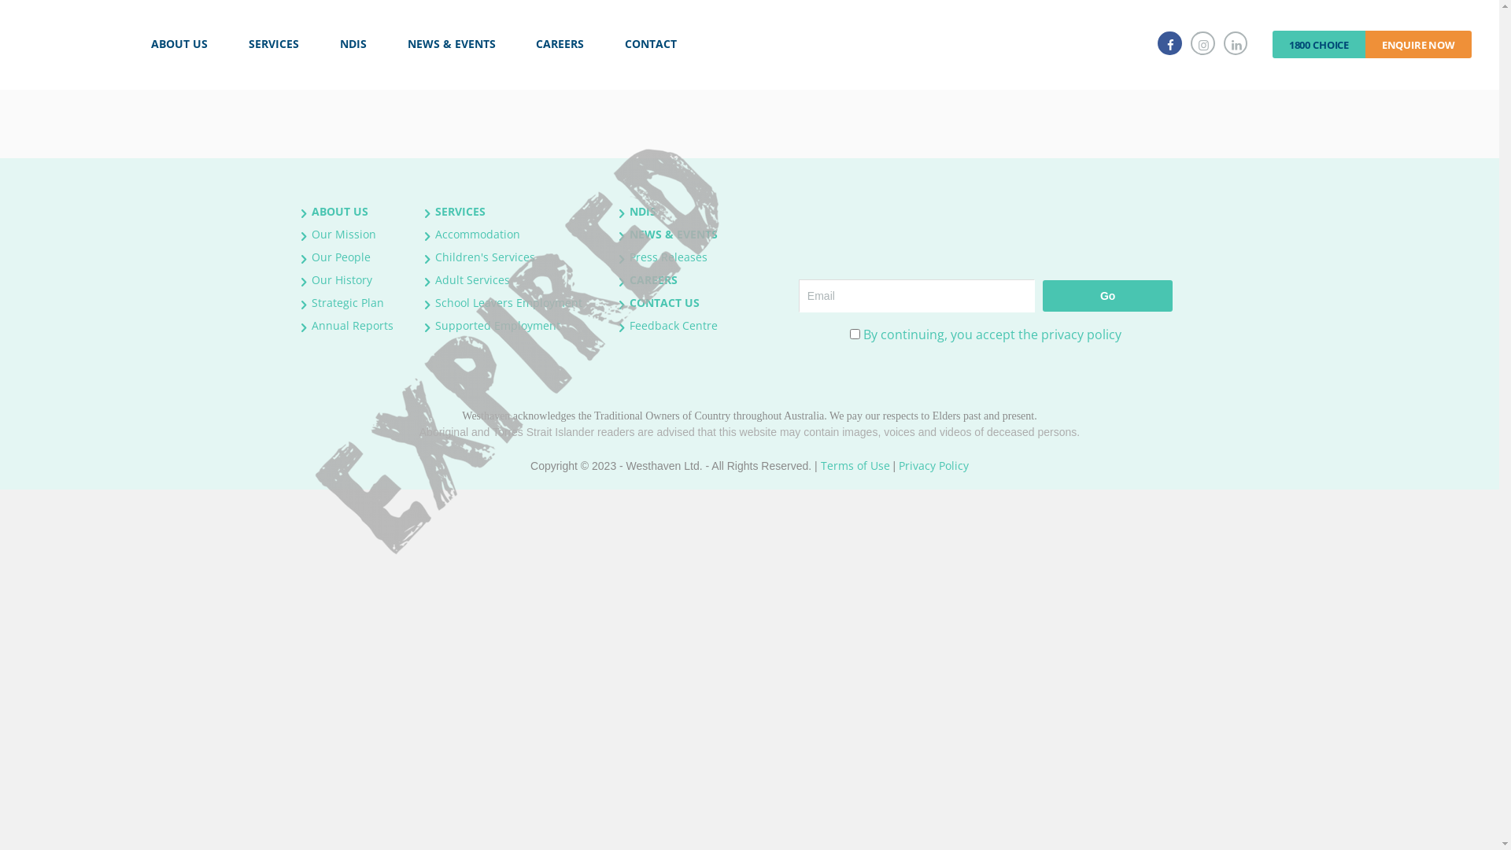 Image resolution: width=1511 pixels, height=850 pixels. I want to click on 'NEWS & EVENTS', so click(451, 43).